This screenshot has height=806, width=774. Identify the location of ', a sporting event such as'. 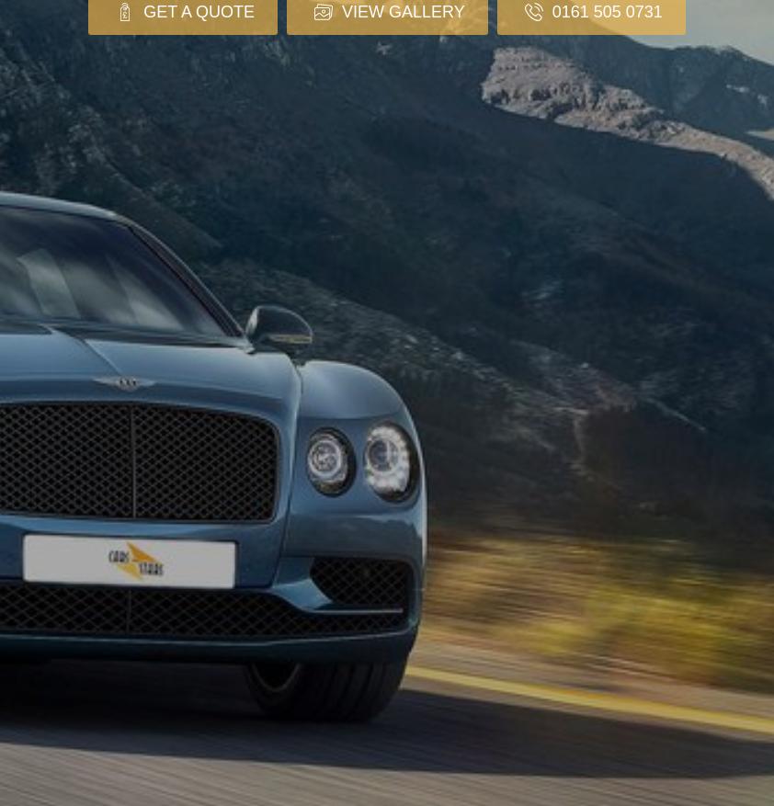
(178, 370).